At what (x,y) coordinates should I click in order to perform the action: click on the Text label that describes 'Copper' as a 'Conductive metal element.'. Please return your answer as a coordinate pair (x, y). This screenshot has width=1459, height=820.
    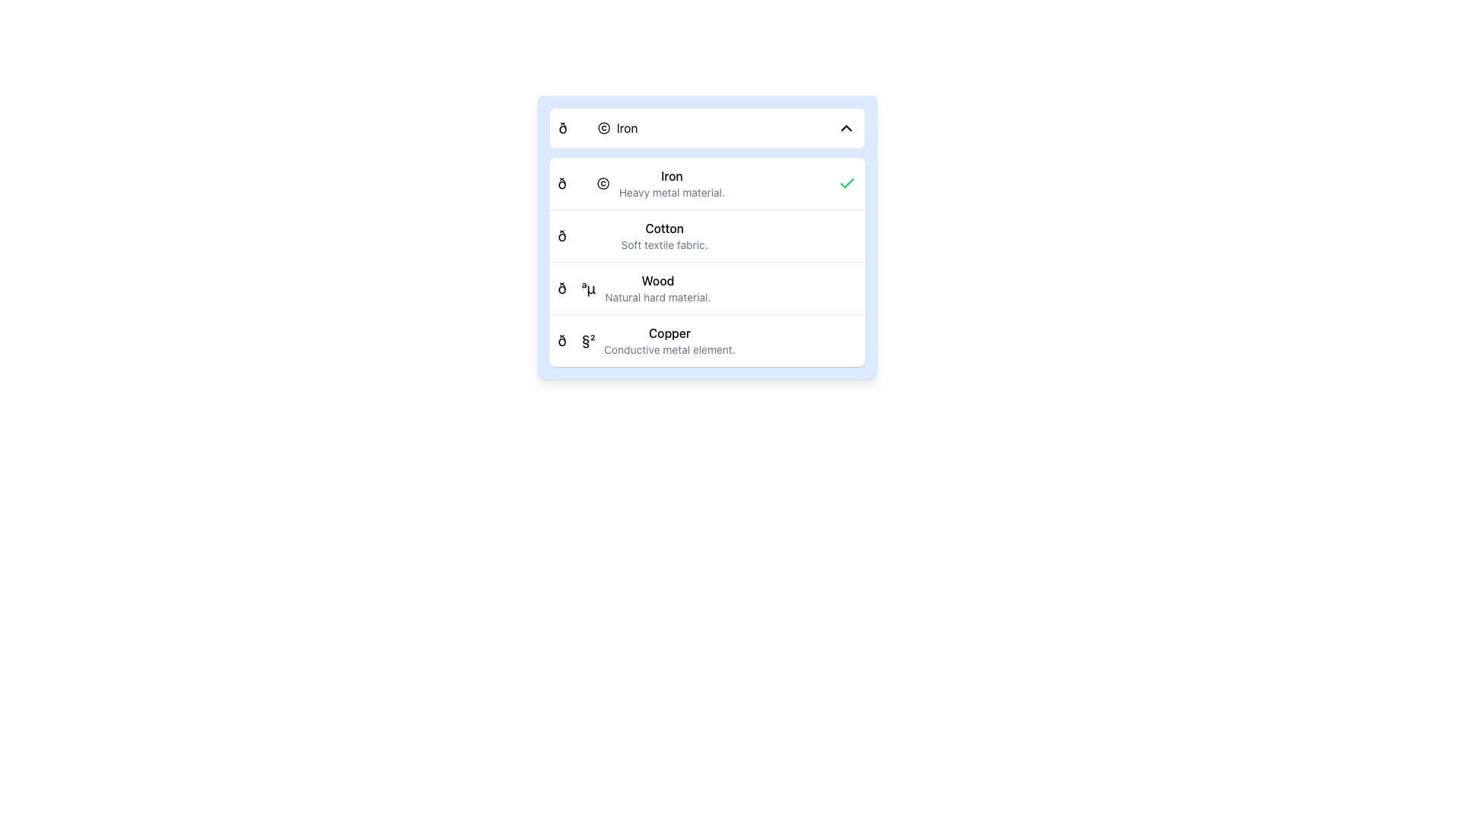
    Looking at the image, I should click on (669, 350).